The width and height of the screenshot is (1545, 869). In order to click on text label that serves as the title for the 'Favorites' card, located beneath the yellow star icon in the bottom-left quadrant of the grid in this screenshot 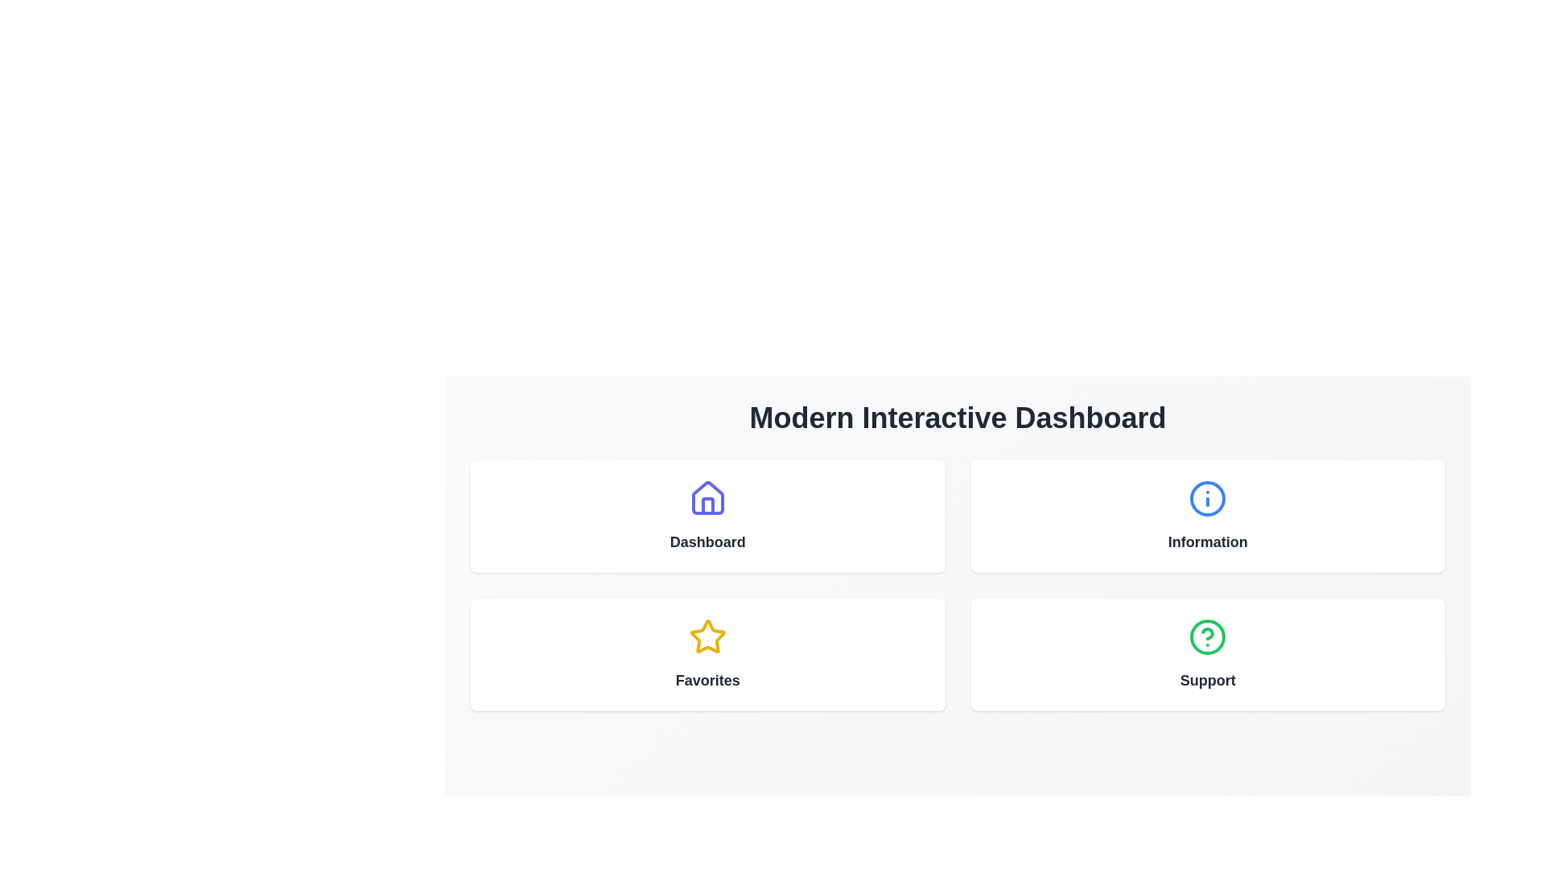, I will do `click(707, 680)`.